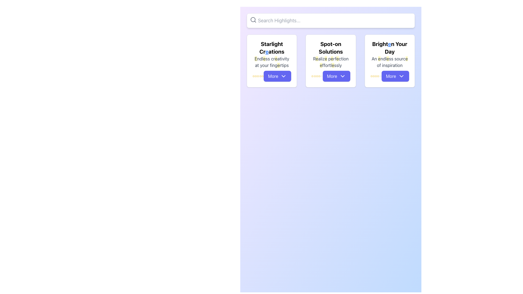 Image resolution: width=523 pixels, height=294 pixels. What do you see at coordinates (336, 76) in the screenshot?
I see `the 'More' button with rounded edges, blue background, and white text located at the bottom of the 'Spot-on Solutions' card` at bounding box center [336, 76].